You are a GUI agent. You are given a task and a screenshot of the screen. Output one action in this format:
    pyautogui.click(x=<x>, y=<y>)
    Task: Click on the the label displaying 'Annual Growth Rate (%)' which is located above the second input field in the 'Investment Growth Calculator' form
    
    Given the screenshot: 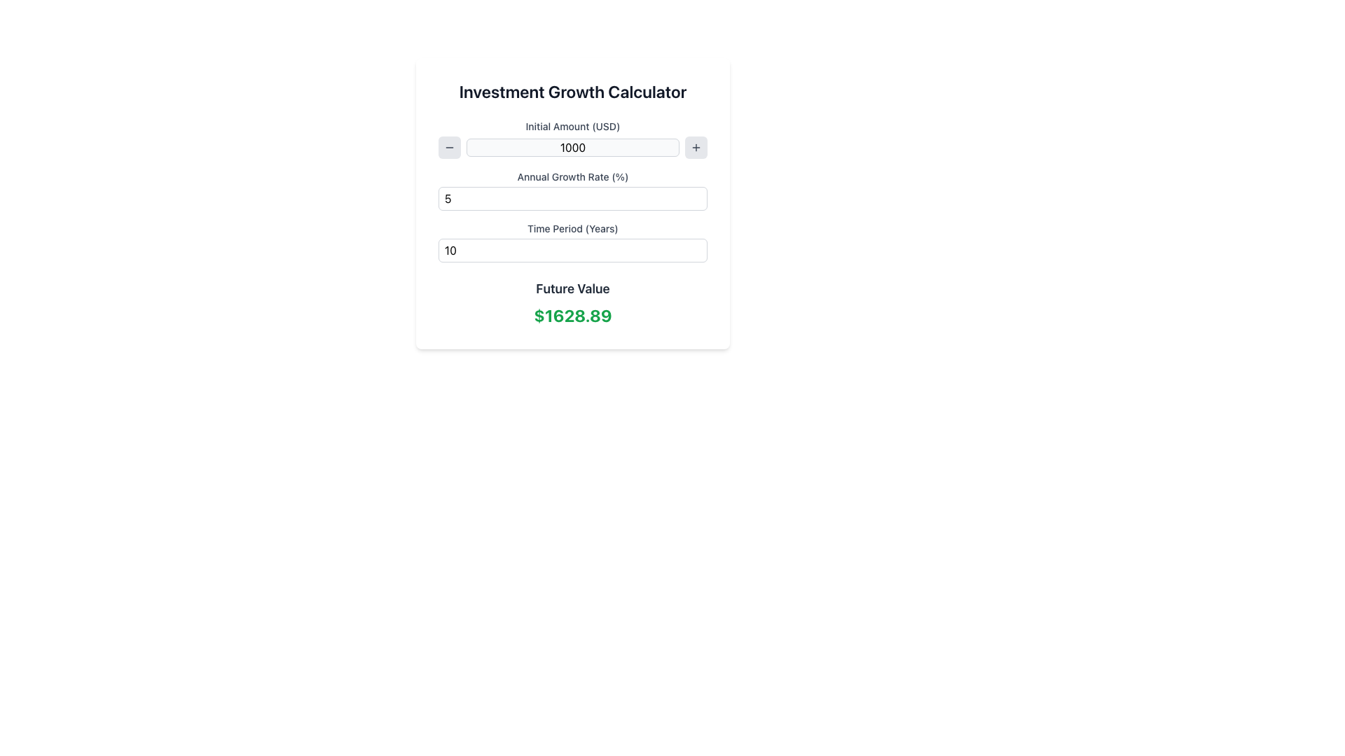 What is the action you would take?
    pyautogui.click(x=572, y=176)
    